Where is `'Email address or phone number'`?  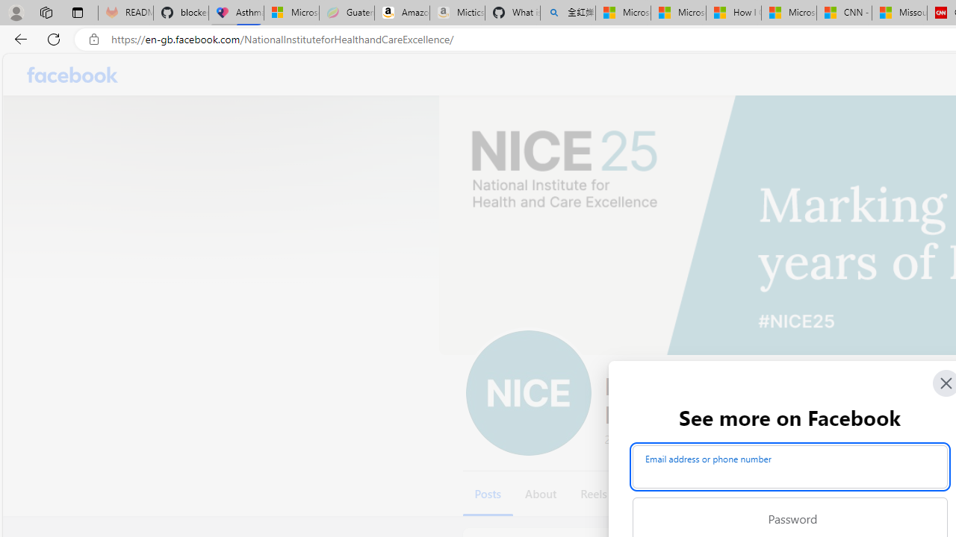 'Email address or phone number' is located at coordinates (789, 466).